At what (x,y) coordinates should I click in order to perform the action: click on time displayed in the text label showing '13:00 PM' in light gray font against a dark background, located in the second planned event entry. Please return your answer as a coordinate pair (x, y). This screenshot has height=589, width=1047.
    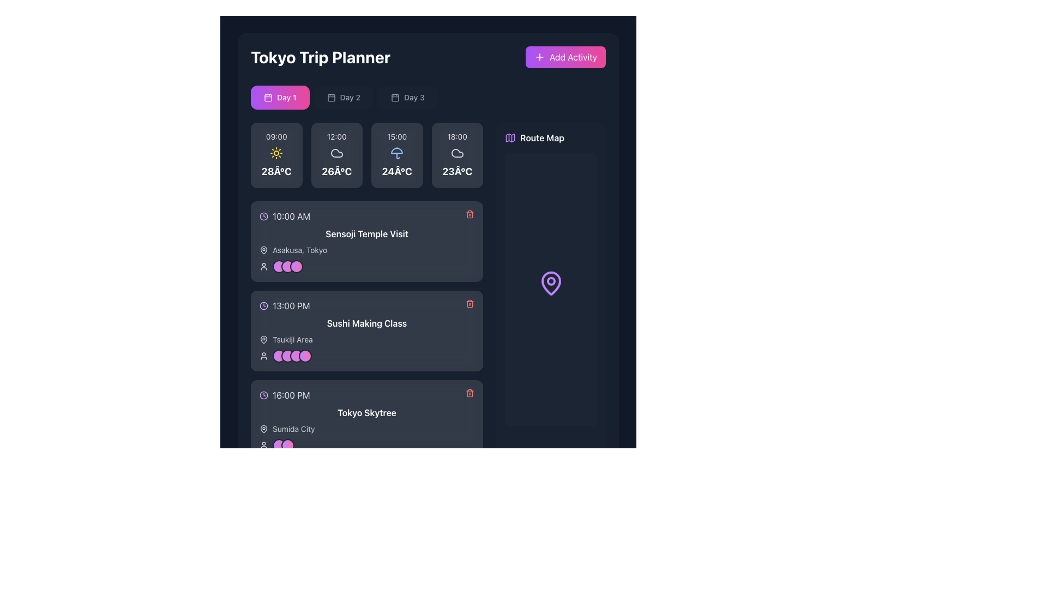
    Looking at the image, I should click on (291, 305).